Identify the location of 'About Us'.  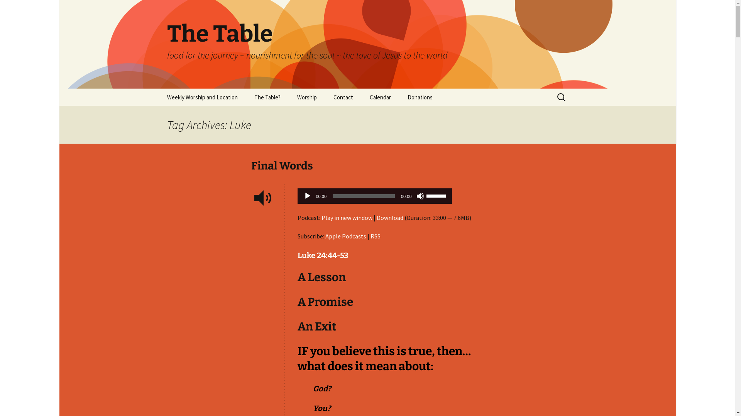
(284, 114).